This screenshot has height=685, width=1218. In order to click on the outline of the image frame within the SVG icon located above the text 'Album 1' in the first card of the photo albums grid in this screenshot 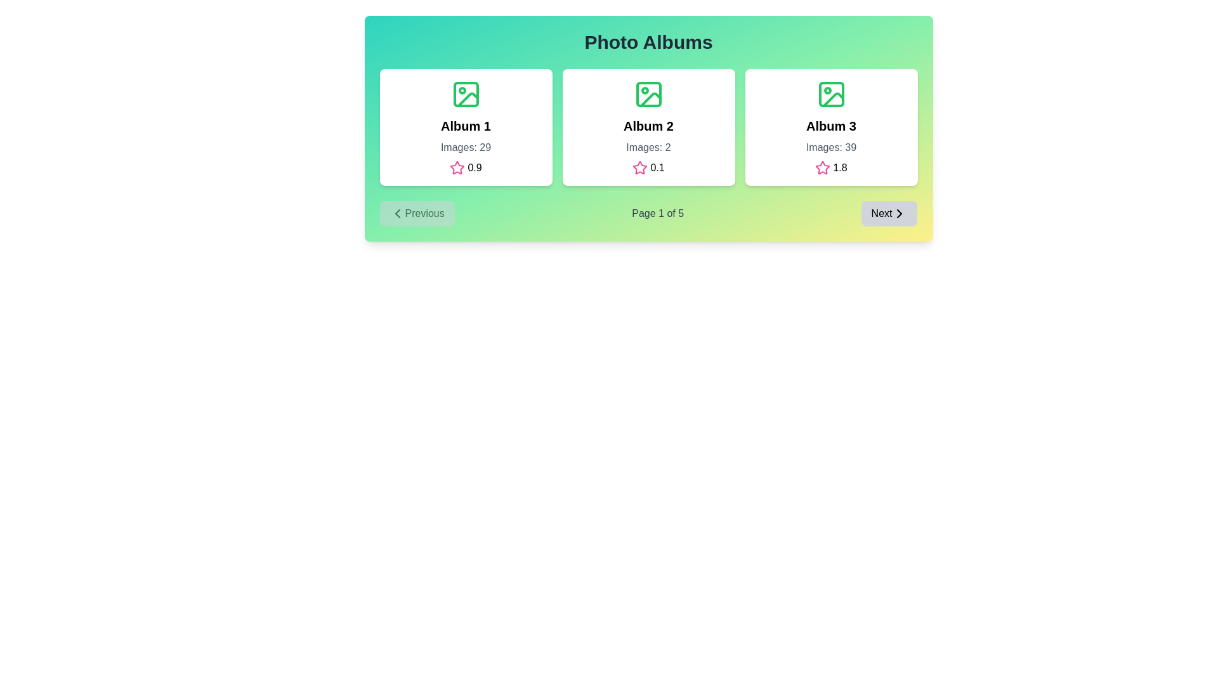, I will do `click(465, 94)`.